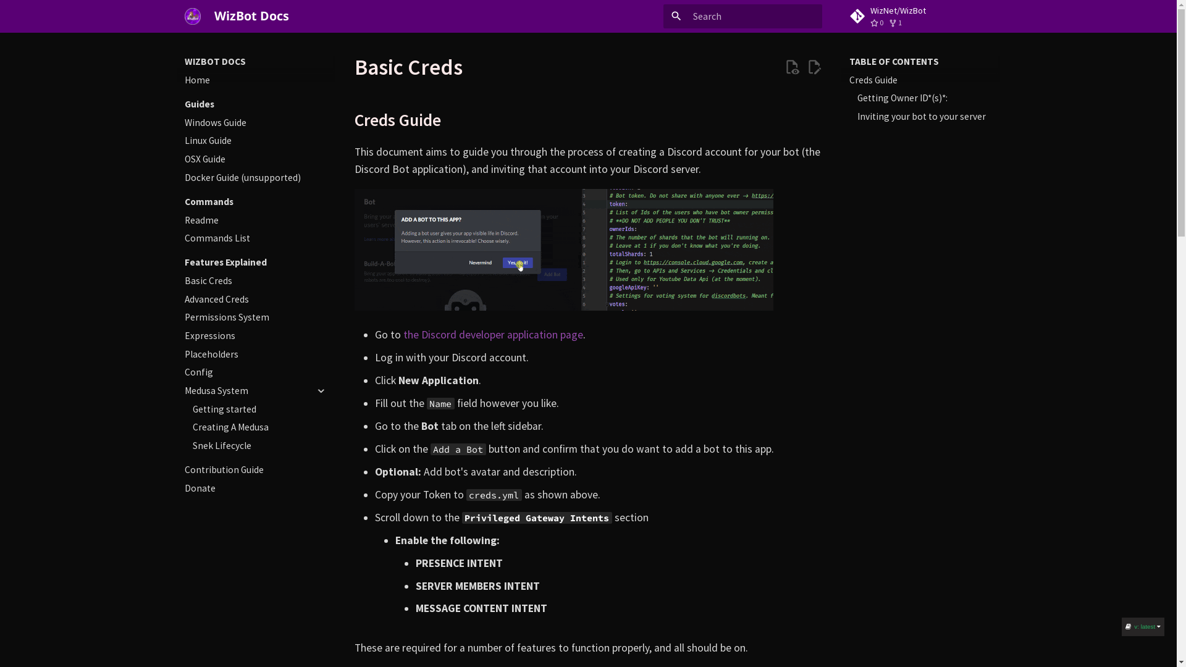  I want to click on 'Advanced Creds', so click(255, 300).